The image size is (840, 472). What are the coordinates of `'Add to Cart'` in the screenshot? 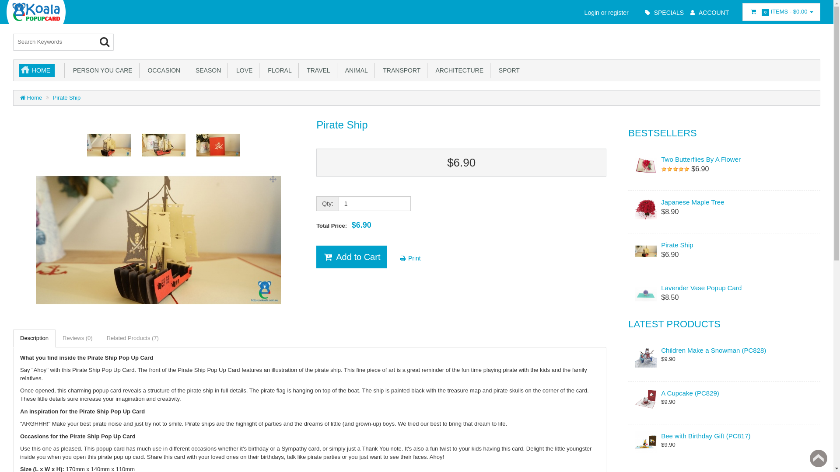 It's located at (351, 256).